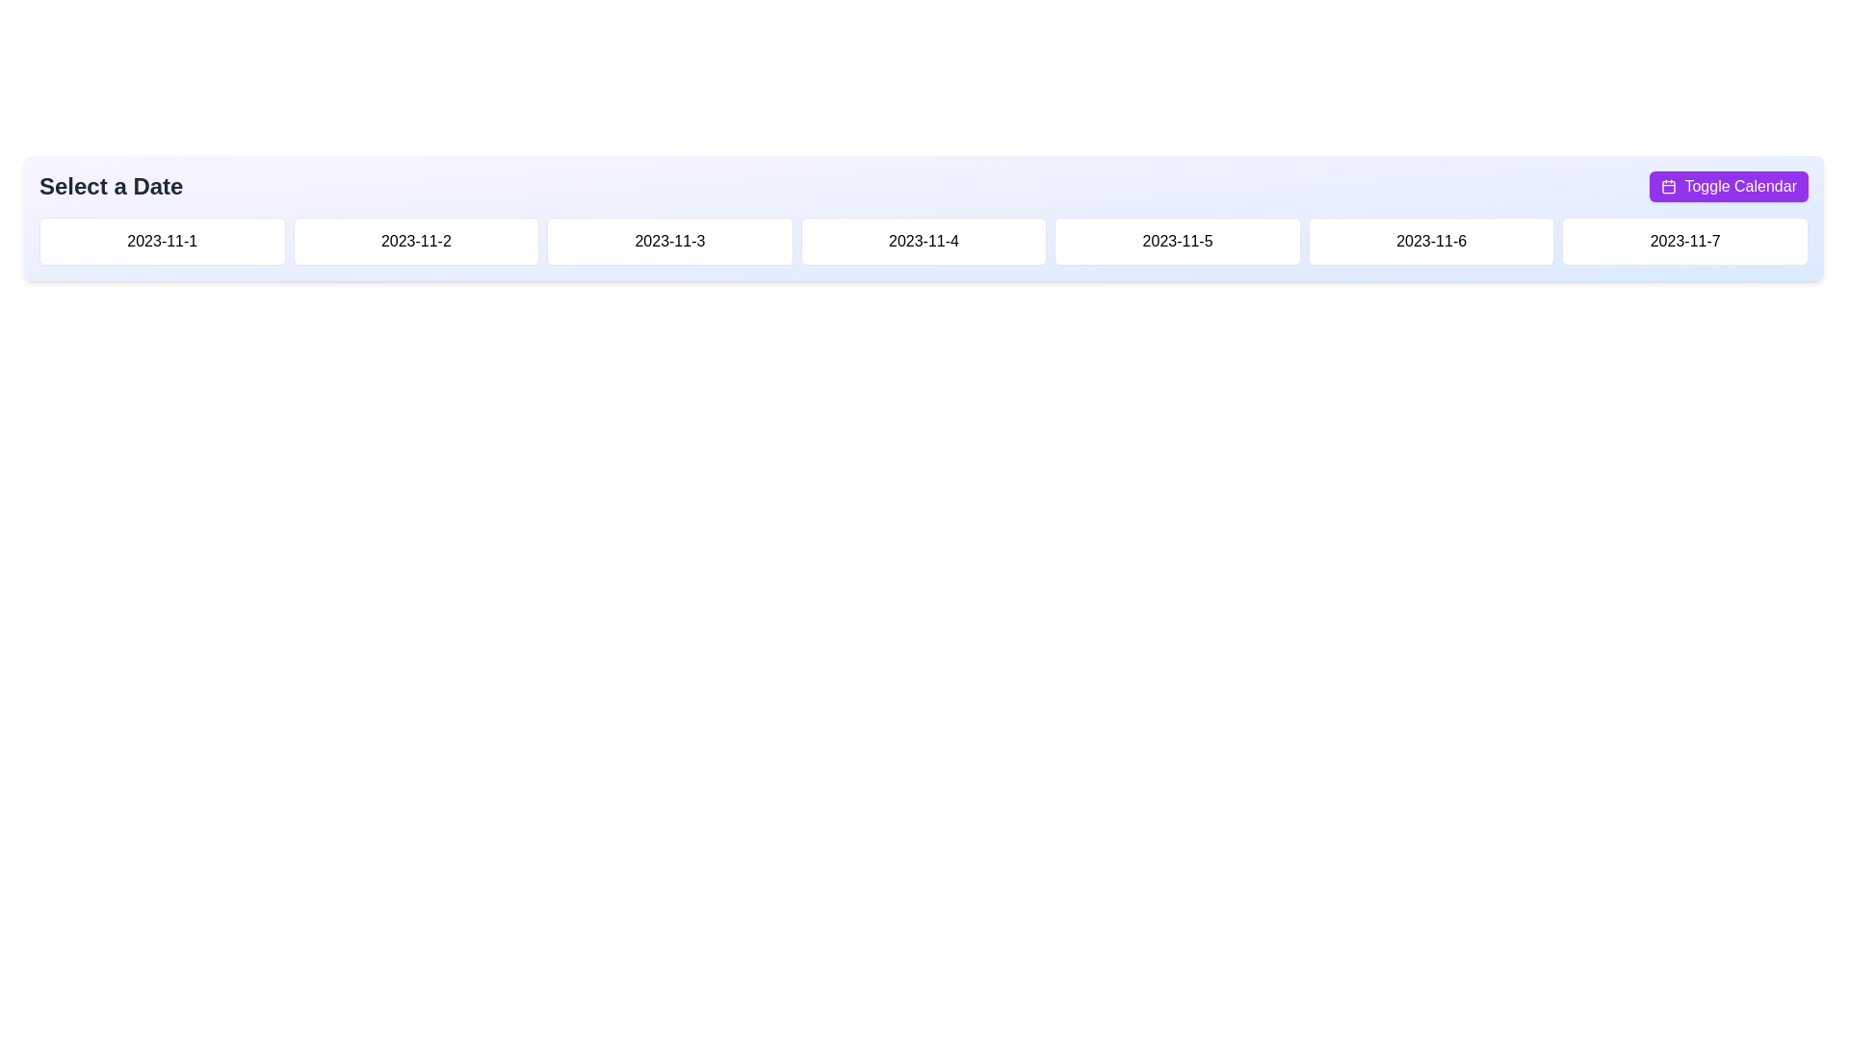 This screenshot has height=1040, width=1849. Describe the element at coordinates (415, 240) in the screenshot. I see `the button displaying the date '2023-11-2' which has a white background and black text, positioned between the buttons for '2023-11-1' and '2023-11-3'` at that location.